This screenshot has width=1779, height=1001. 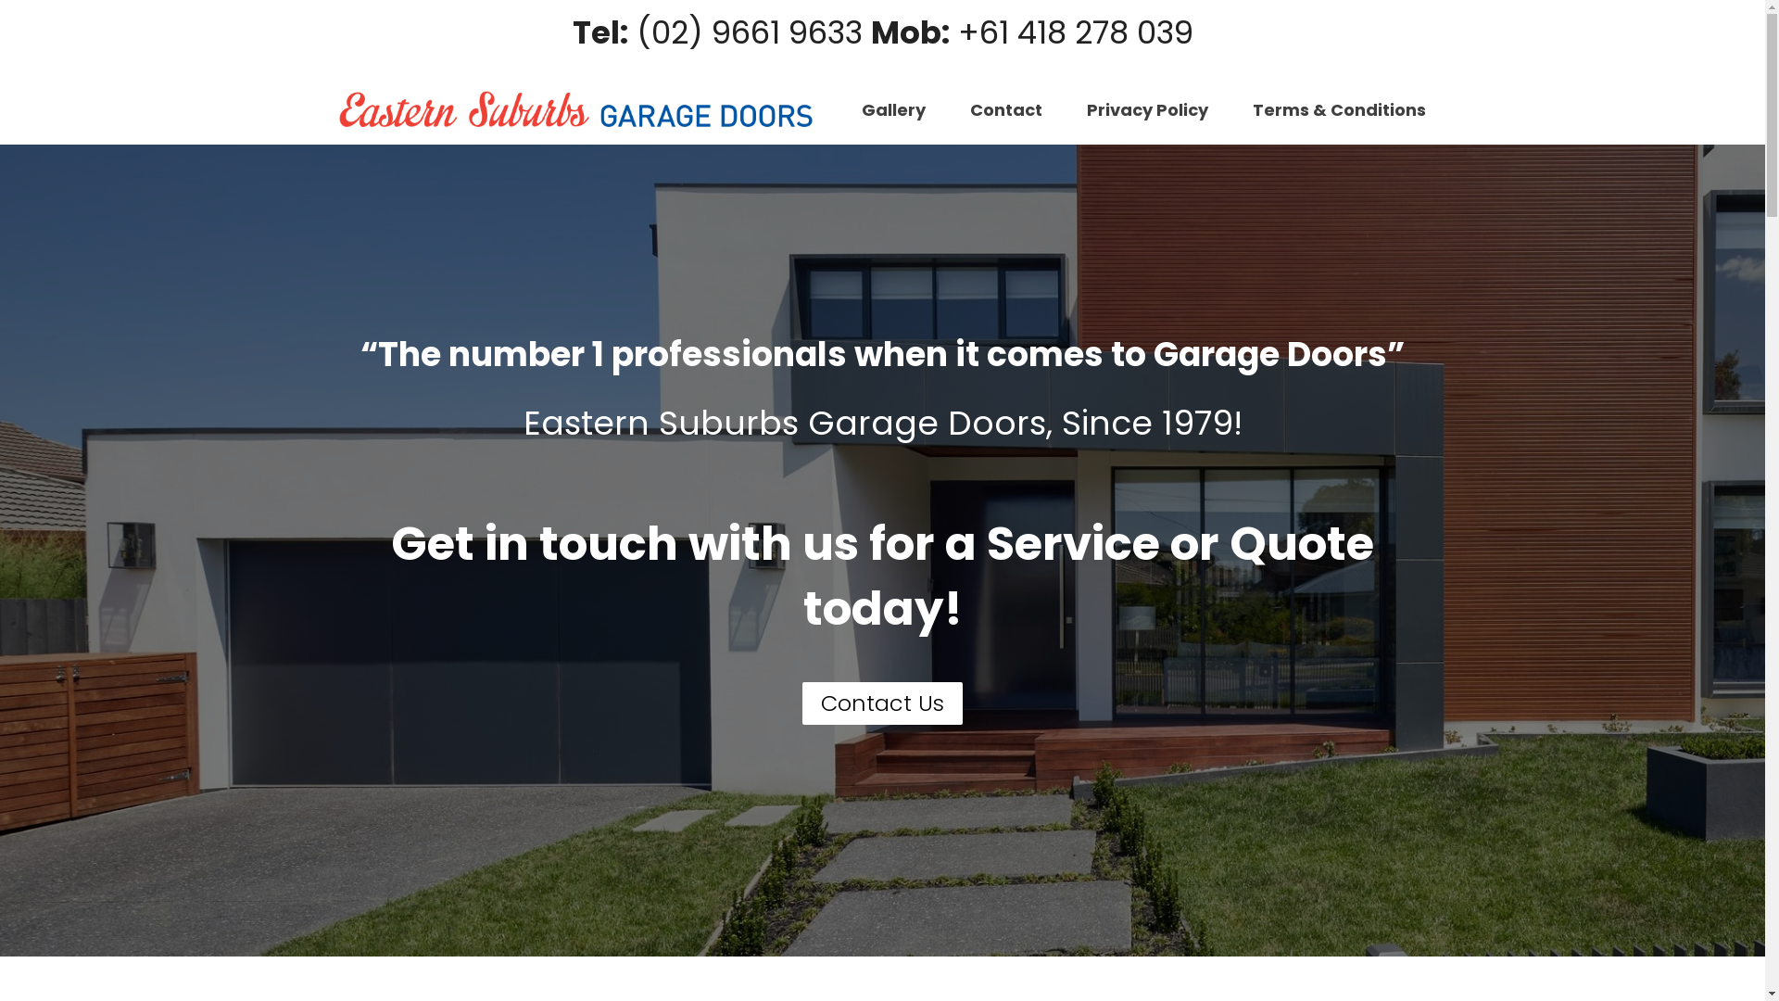 What do you see at coordinates (1064, 109) in the screenshot?
I see `'Privacy Policy'` at bounding box center [1064, 109].